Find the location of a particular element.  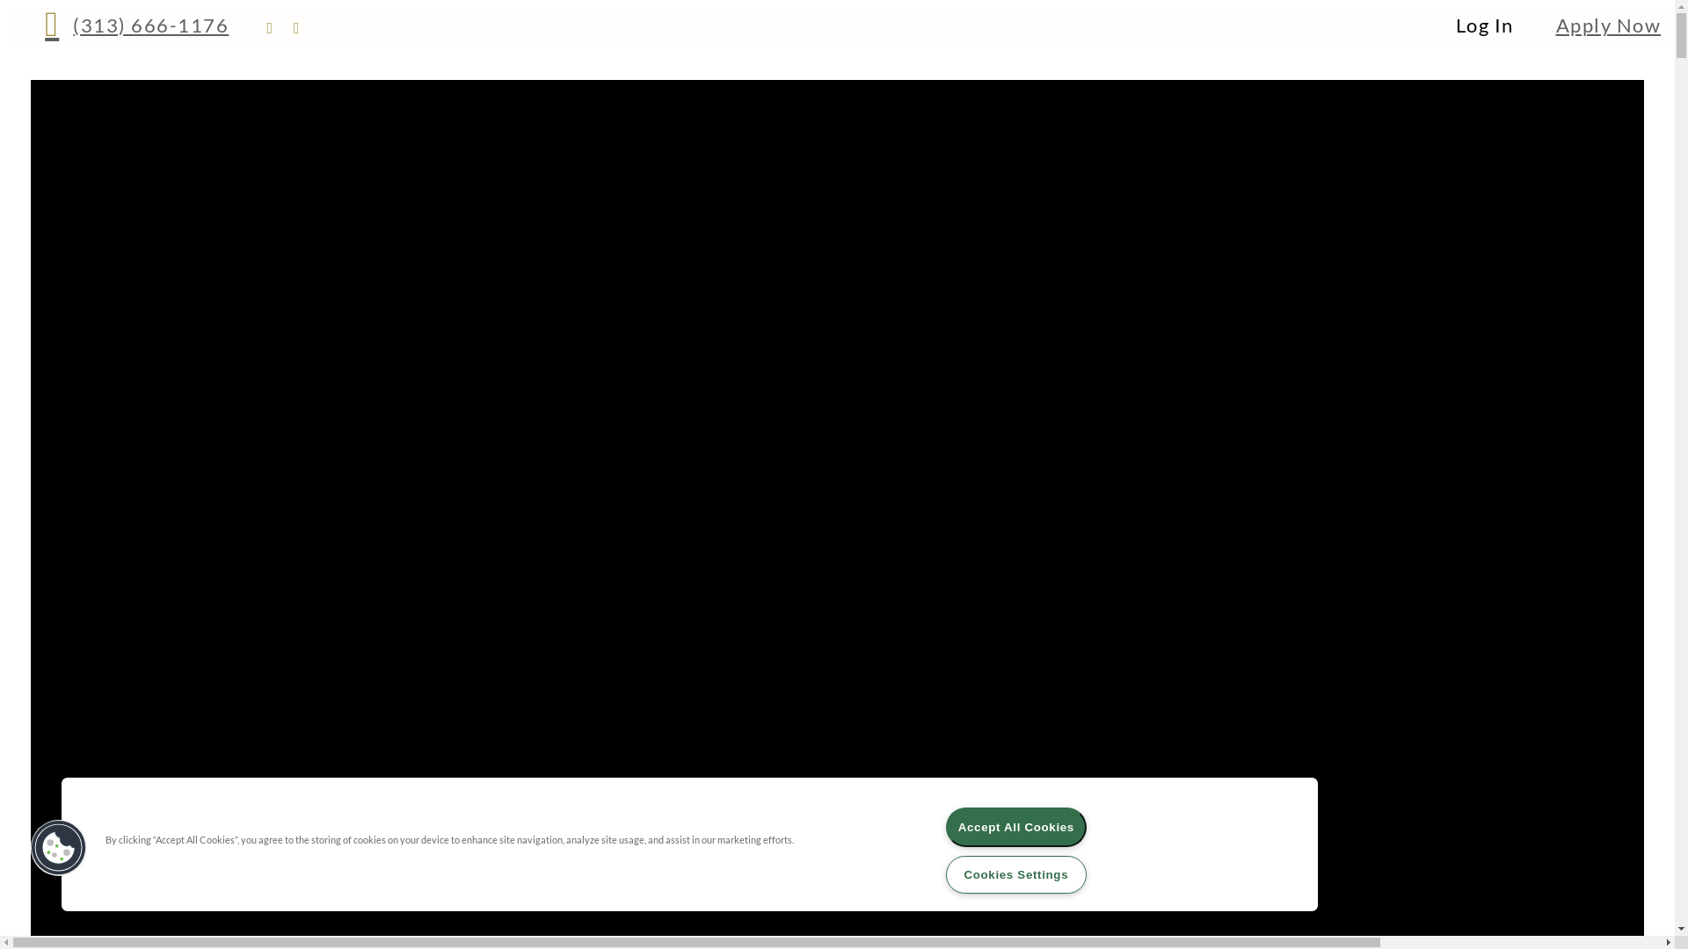

'Cookies Settings' is located at coordinates (1016, 874).